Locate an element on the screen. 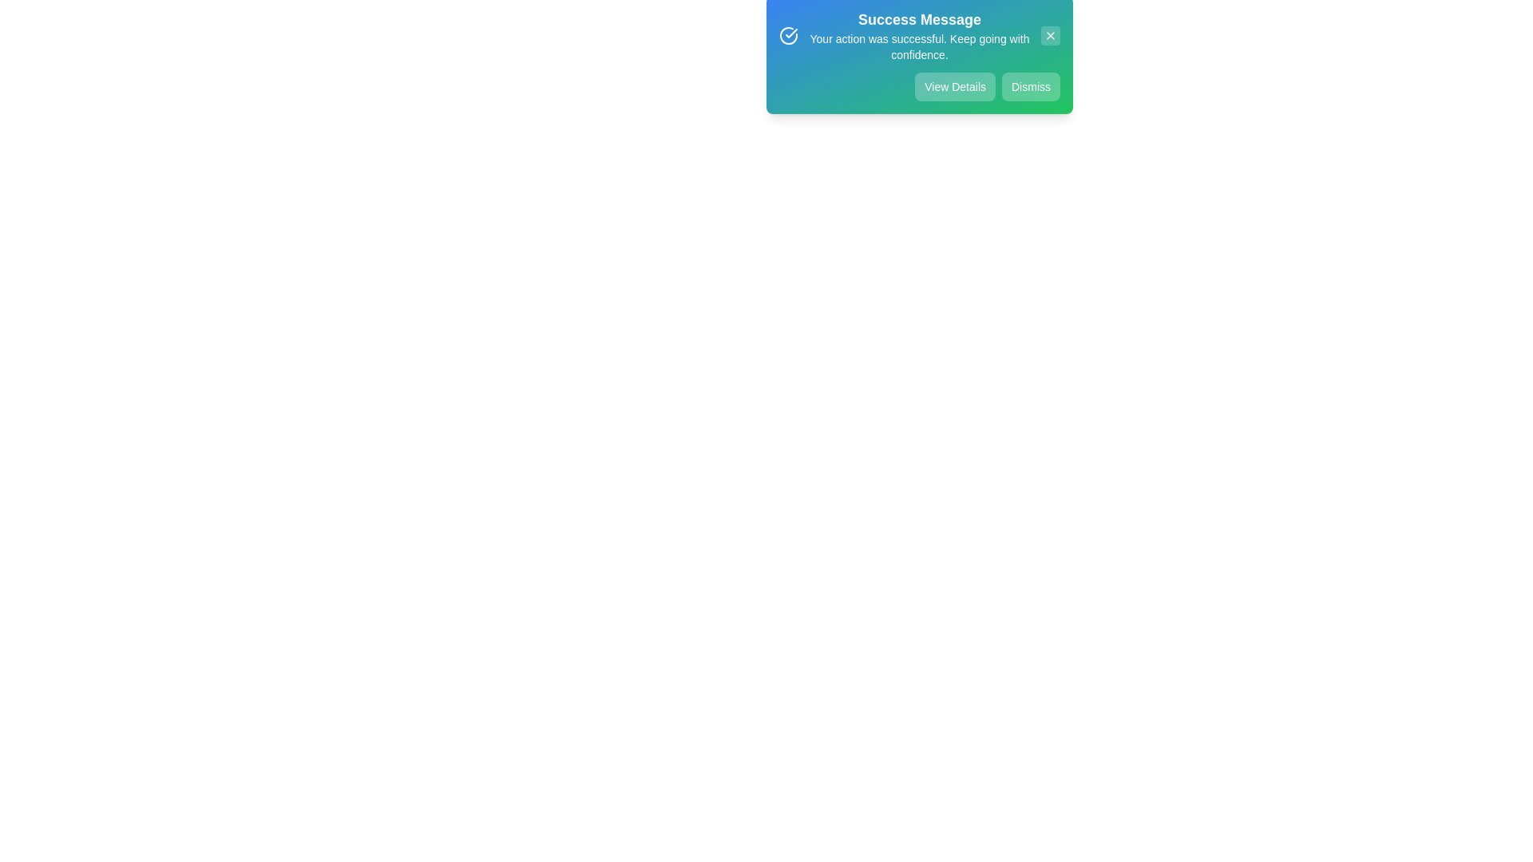  the center of the success message text area to simulate interaction is located at coordinates (920, 45).